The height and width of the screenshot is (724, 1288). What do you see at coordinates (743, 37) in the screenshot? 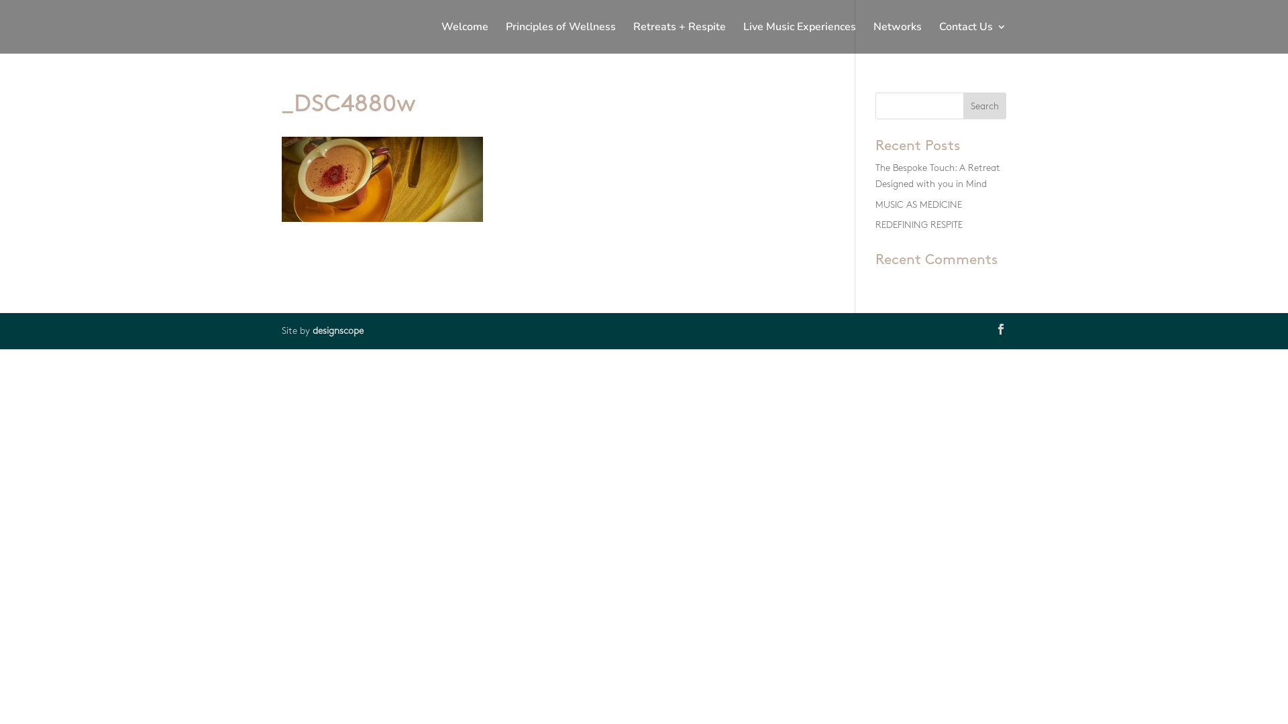
I see `'Live Music Experiences'` at bounding box center [743, 37].